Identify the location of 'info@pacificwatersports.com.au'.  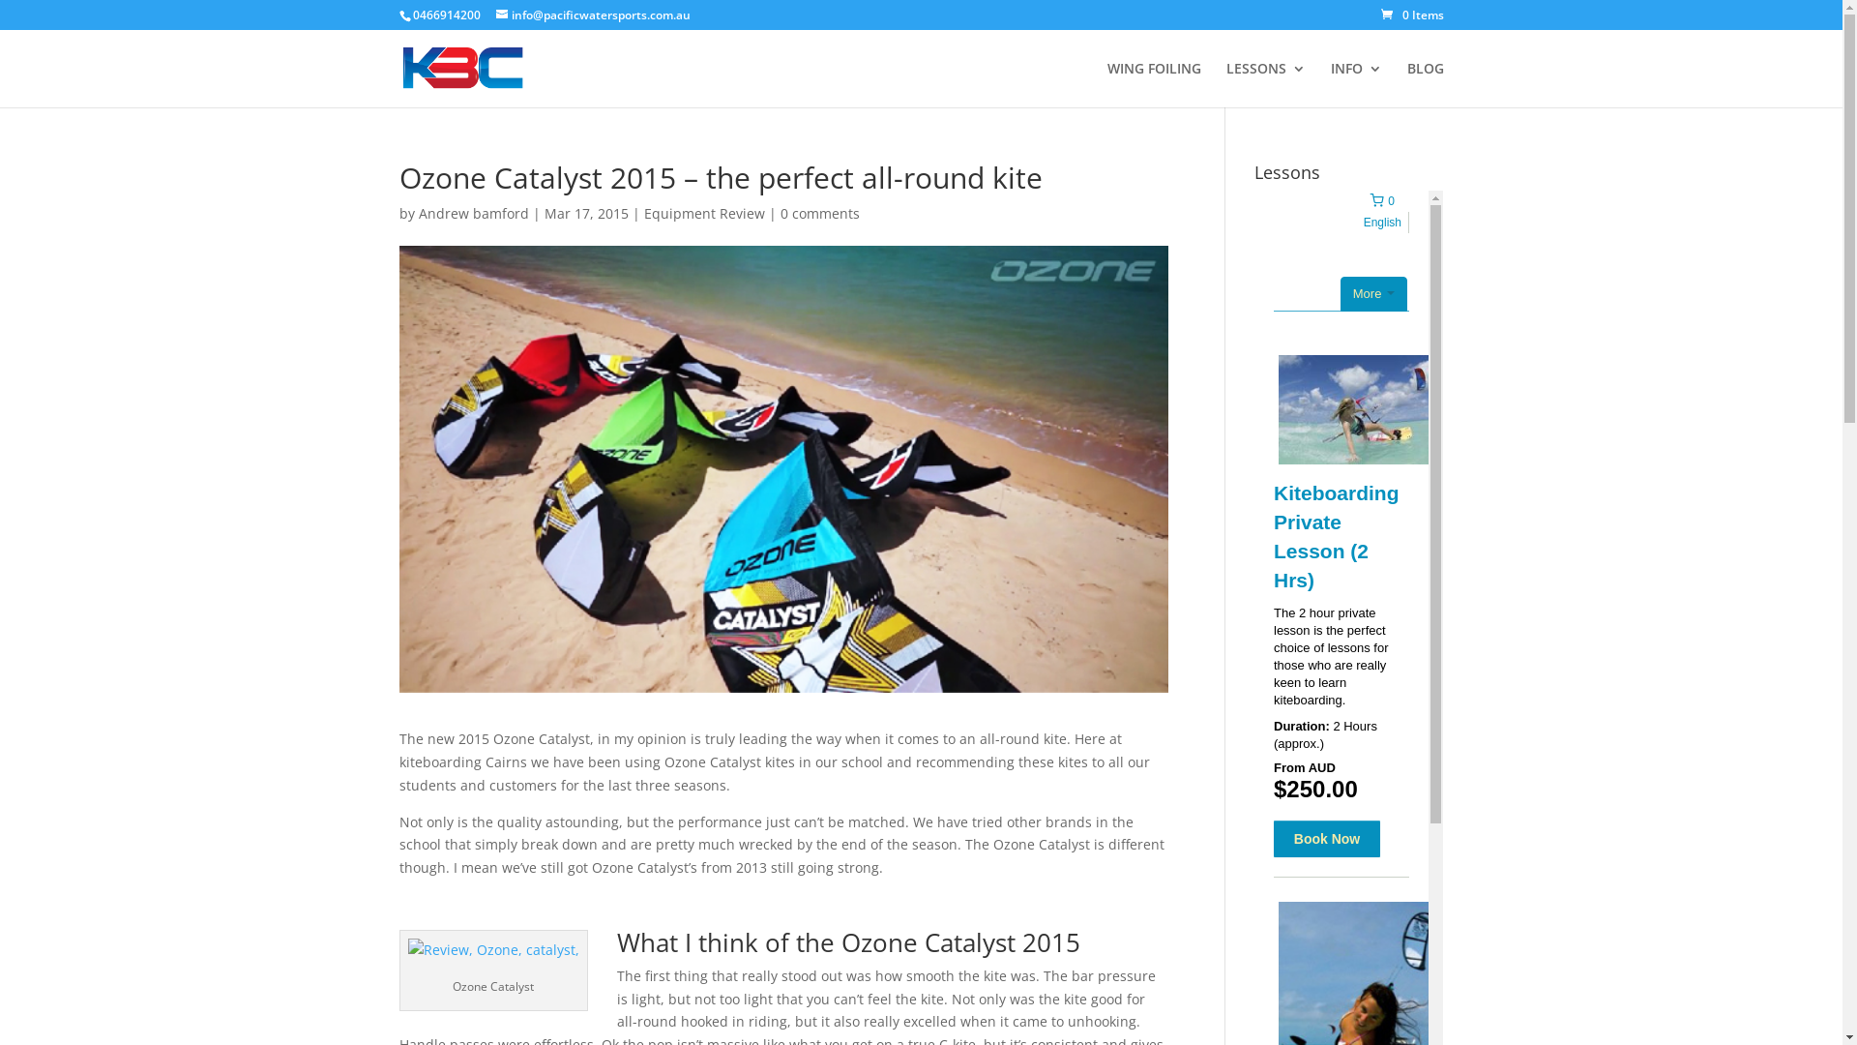
(591, 15).